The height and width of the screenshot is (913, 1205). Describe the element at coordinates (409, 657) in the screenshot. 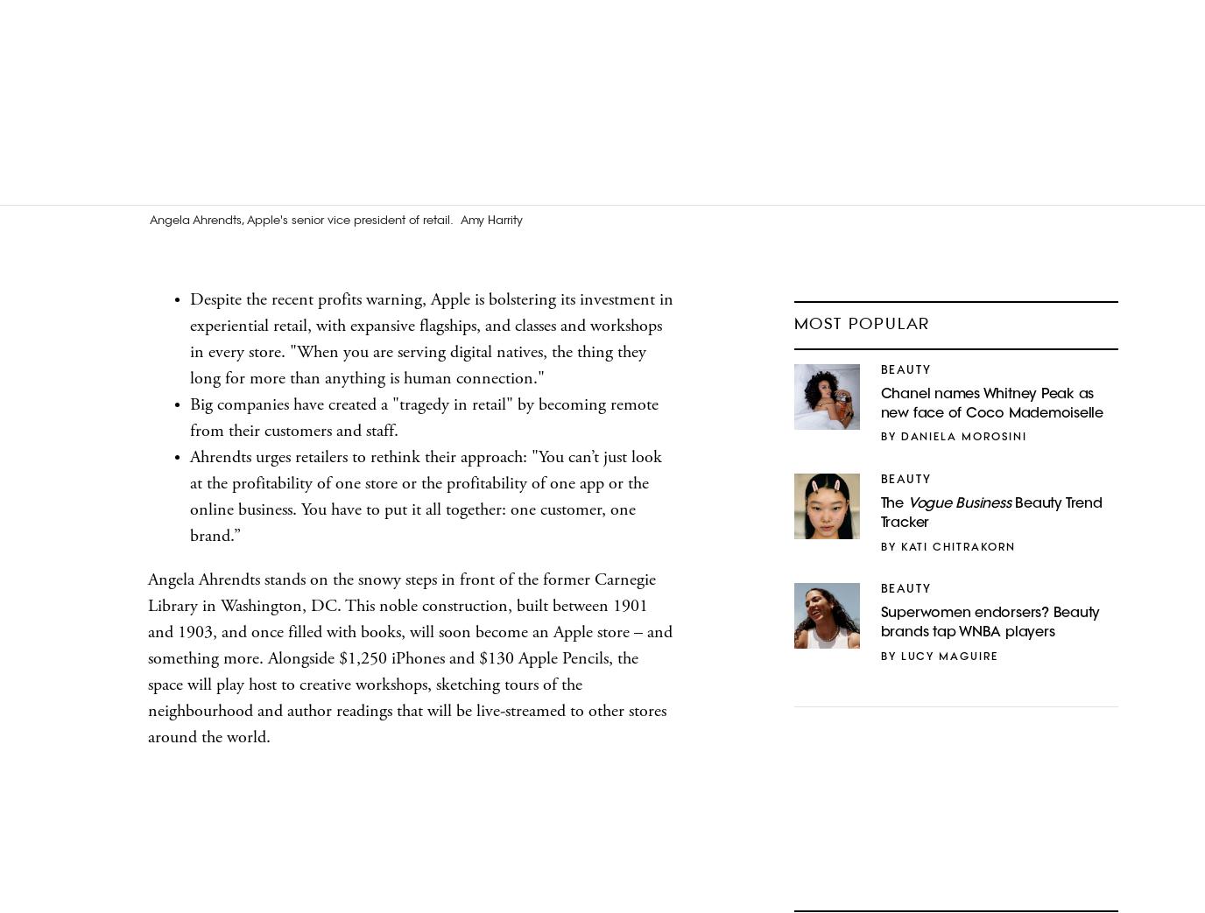

I see `'Angela Ahrendts stands on the snowy steps in front of the former Carnegie Library in Washington, DC. This noble construction, built between 1901 and 1903, and once filled with books, will soon become an Apple store – and something more. Alongside $1,250 iPhones and $130 Apple Pencils, the space will play host to creative workshops, sketching tours of the neighbourhood and author readings that will be live-streamed to other stores around the world.'` at that location.